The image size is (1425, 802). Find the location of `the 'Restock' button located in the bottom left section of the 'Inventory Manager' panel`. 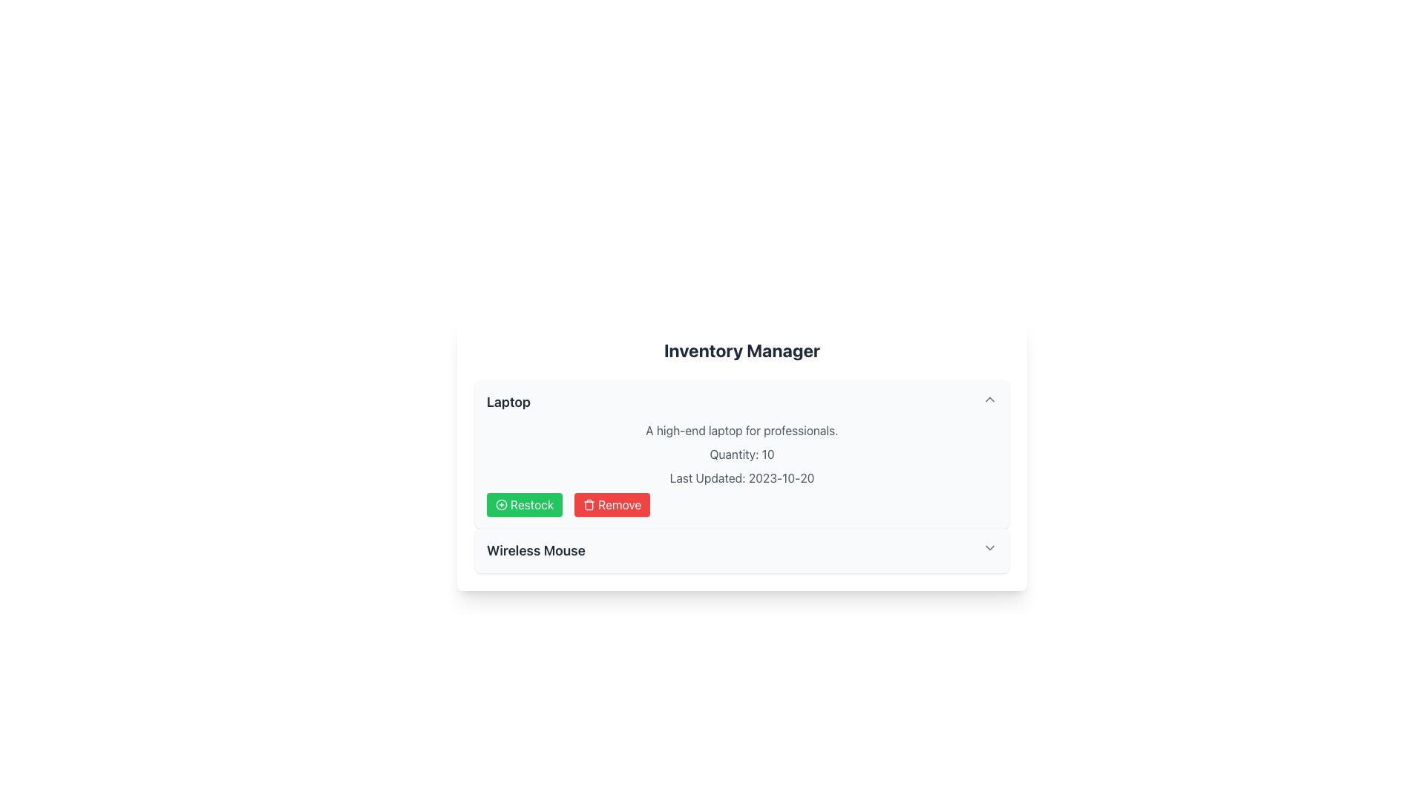

the 'Restock' button located in the bottom left section of the 'Inventory Manager' panel is located at coordinates (525, 503).